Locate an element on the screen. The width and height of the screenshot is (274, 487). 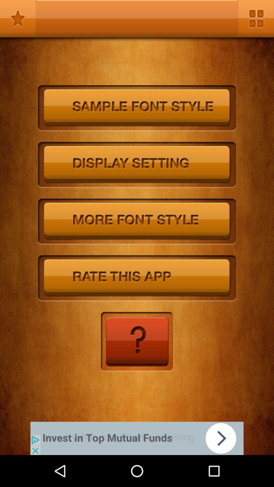
display setting is located at coordinates (137, 165).